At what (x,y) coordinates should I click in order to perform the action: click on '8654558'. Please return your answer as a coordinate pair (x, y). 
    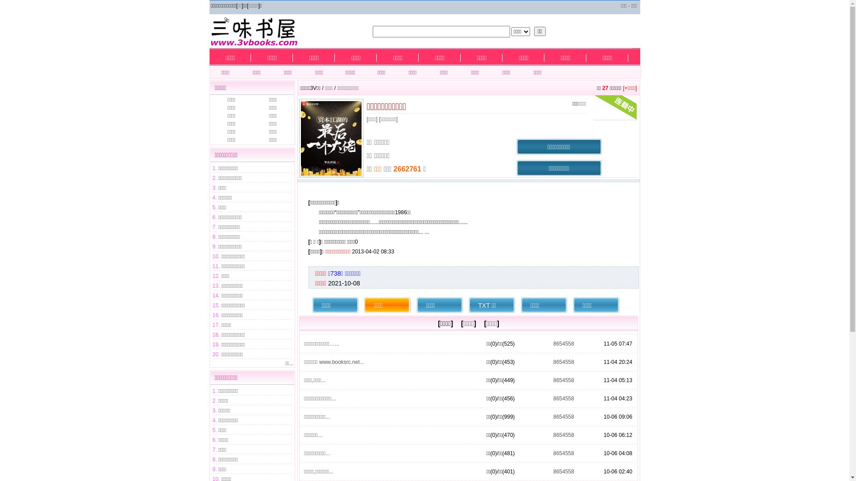
    Looking at the image, I should click on (553, 434).